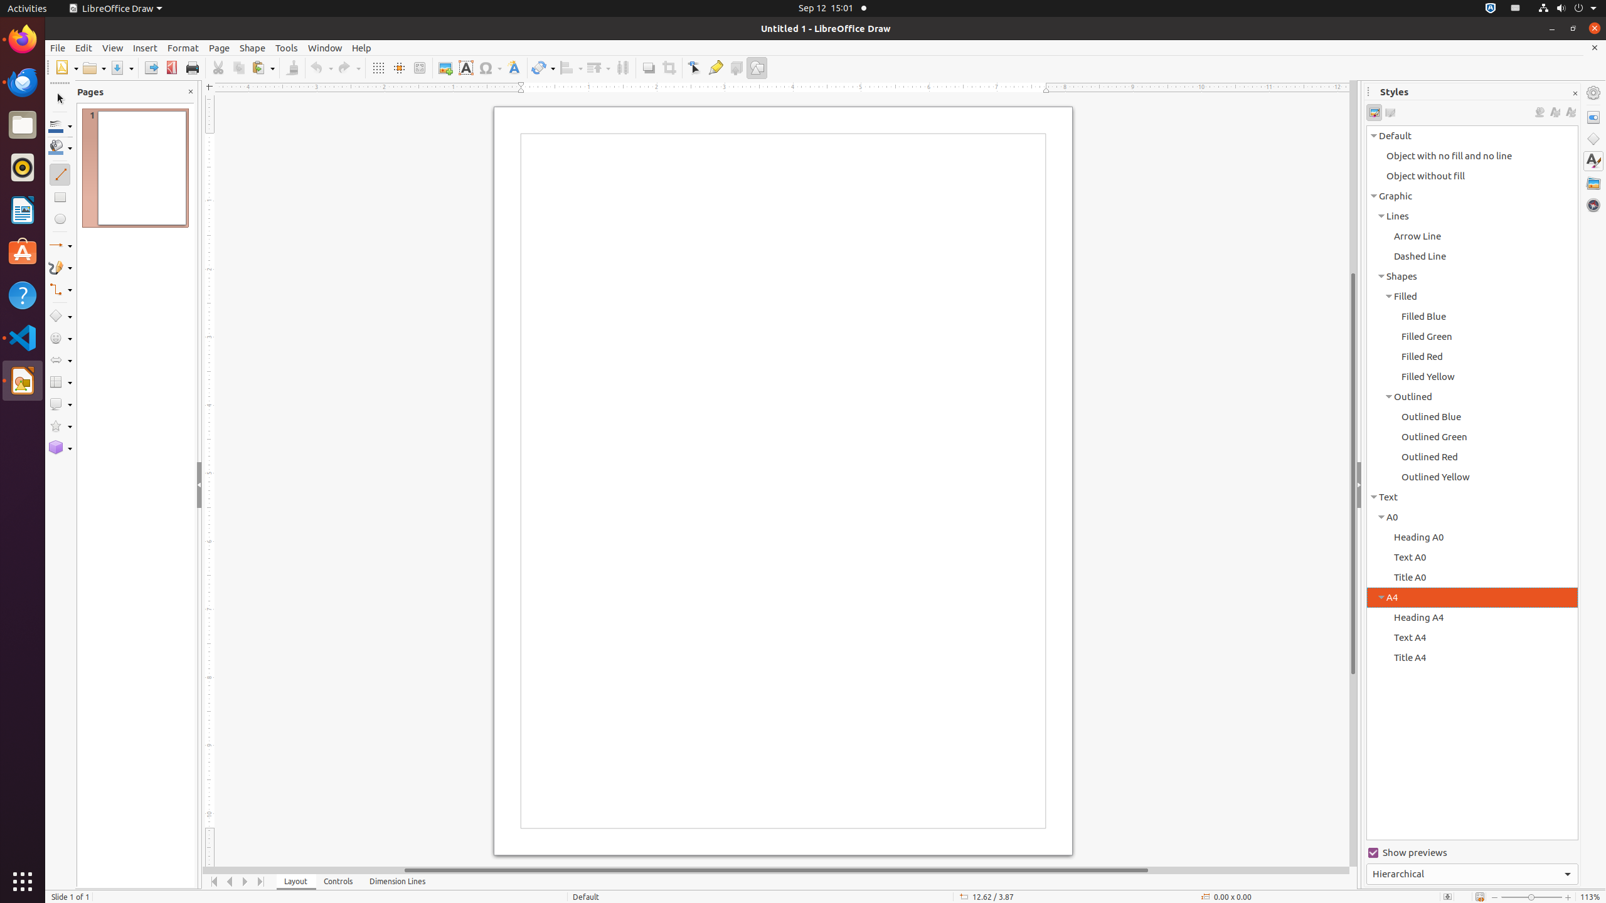 The image size is (1606, 903). What do you see at coordinates (1575, 93) in the screenshot?
I see `'Close Sidebar Deck'` at bounding box center [1575, 93].